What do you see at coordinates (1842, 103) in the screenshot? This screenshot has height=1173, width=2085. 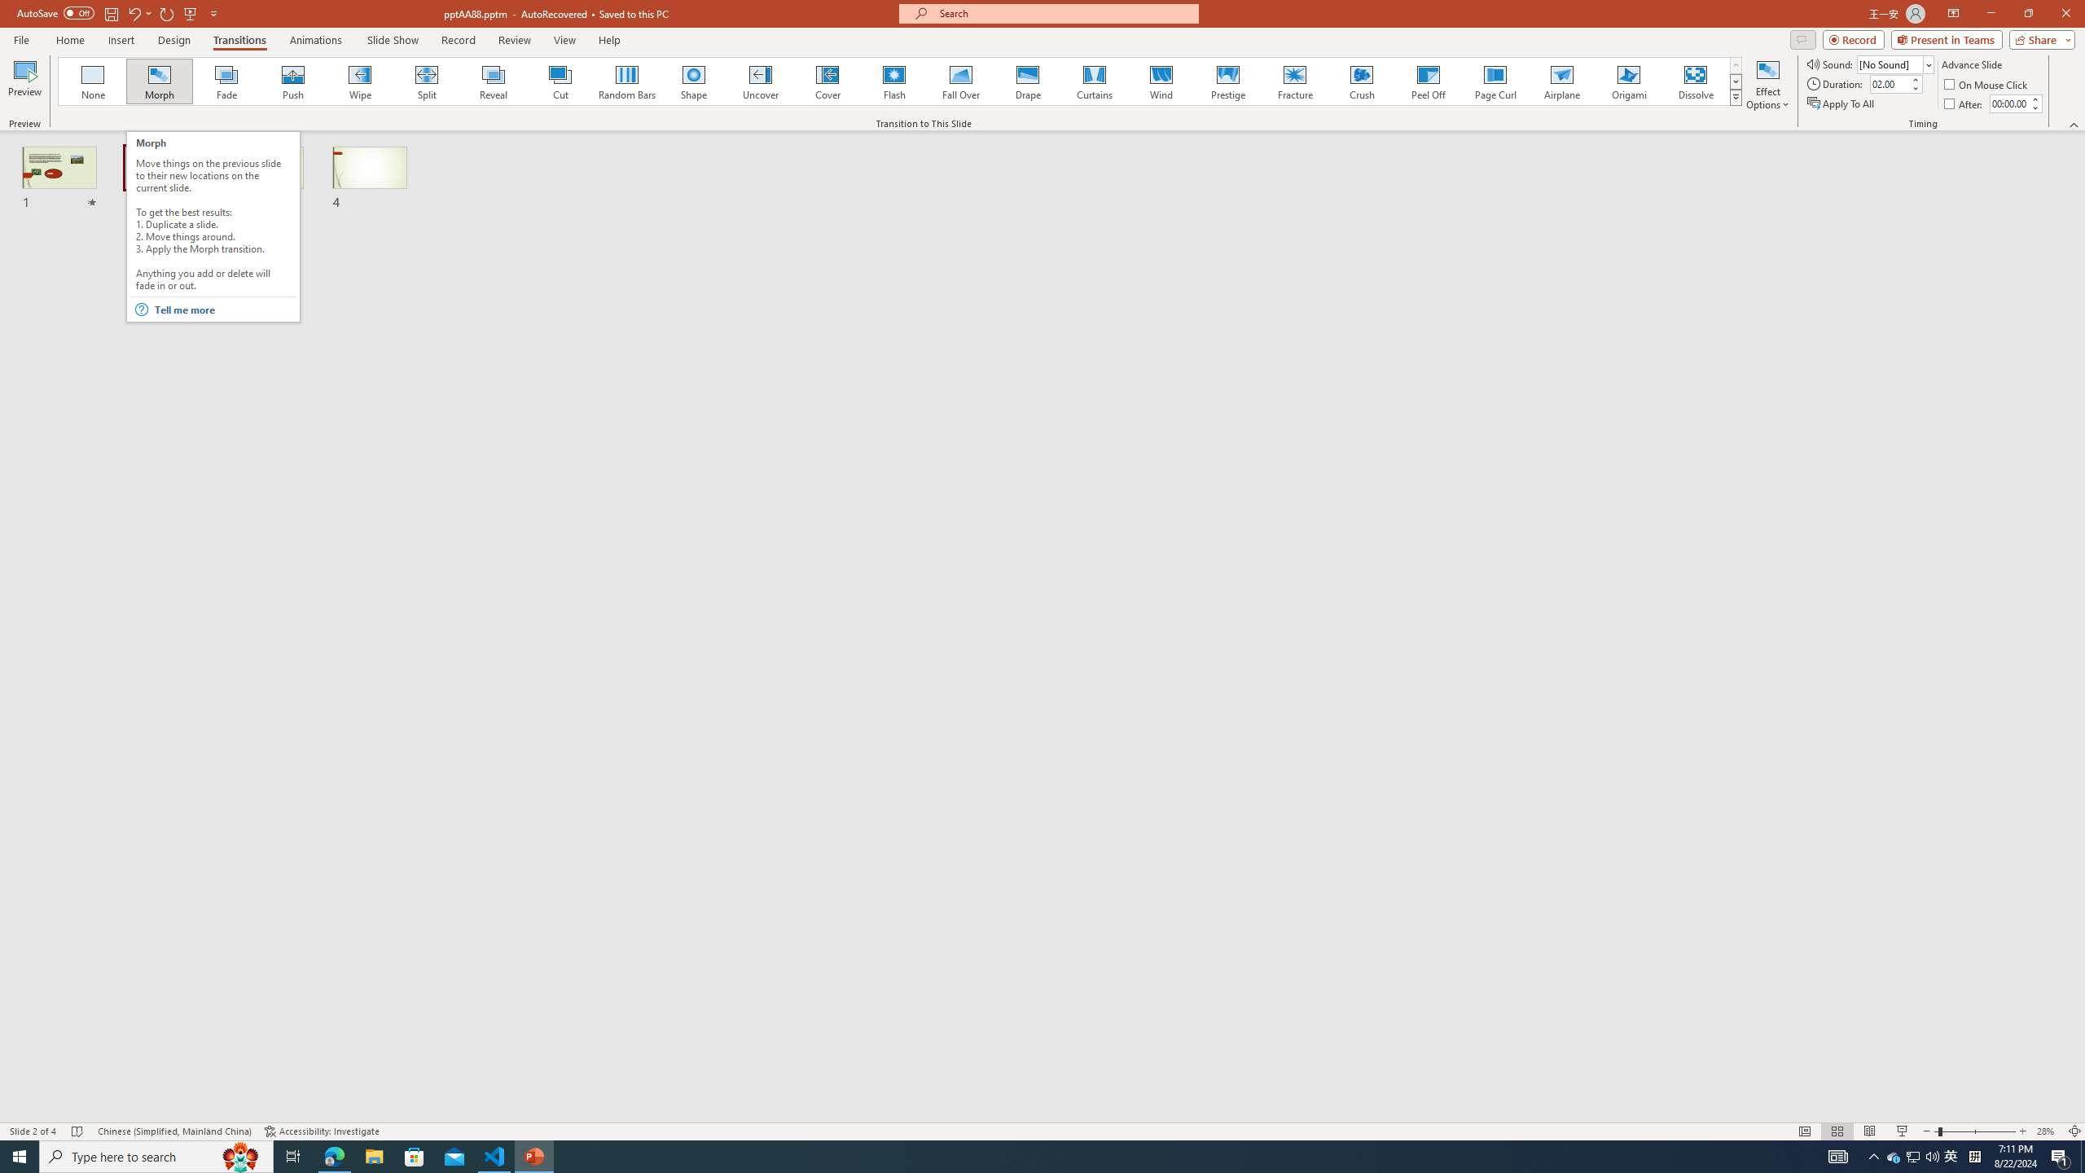 I see `'Apply To All'` at bounding box center [1842, 103].